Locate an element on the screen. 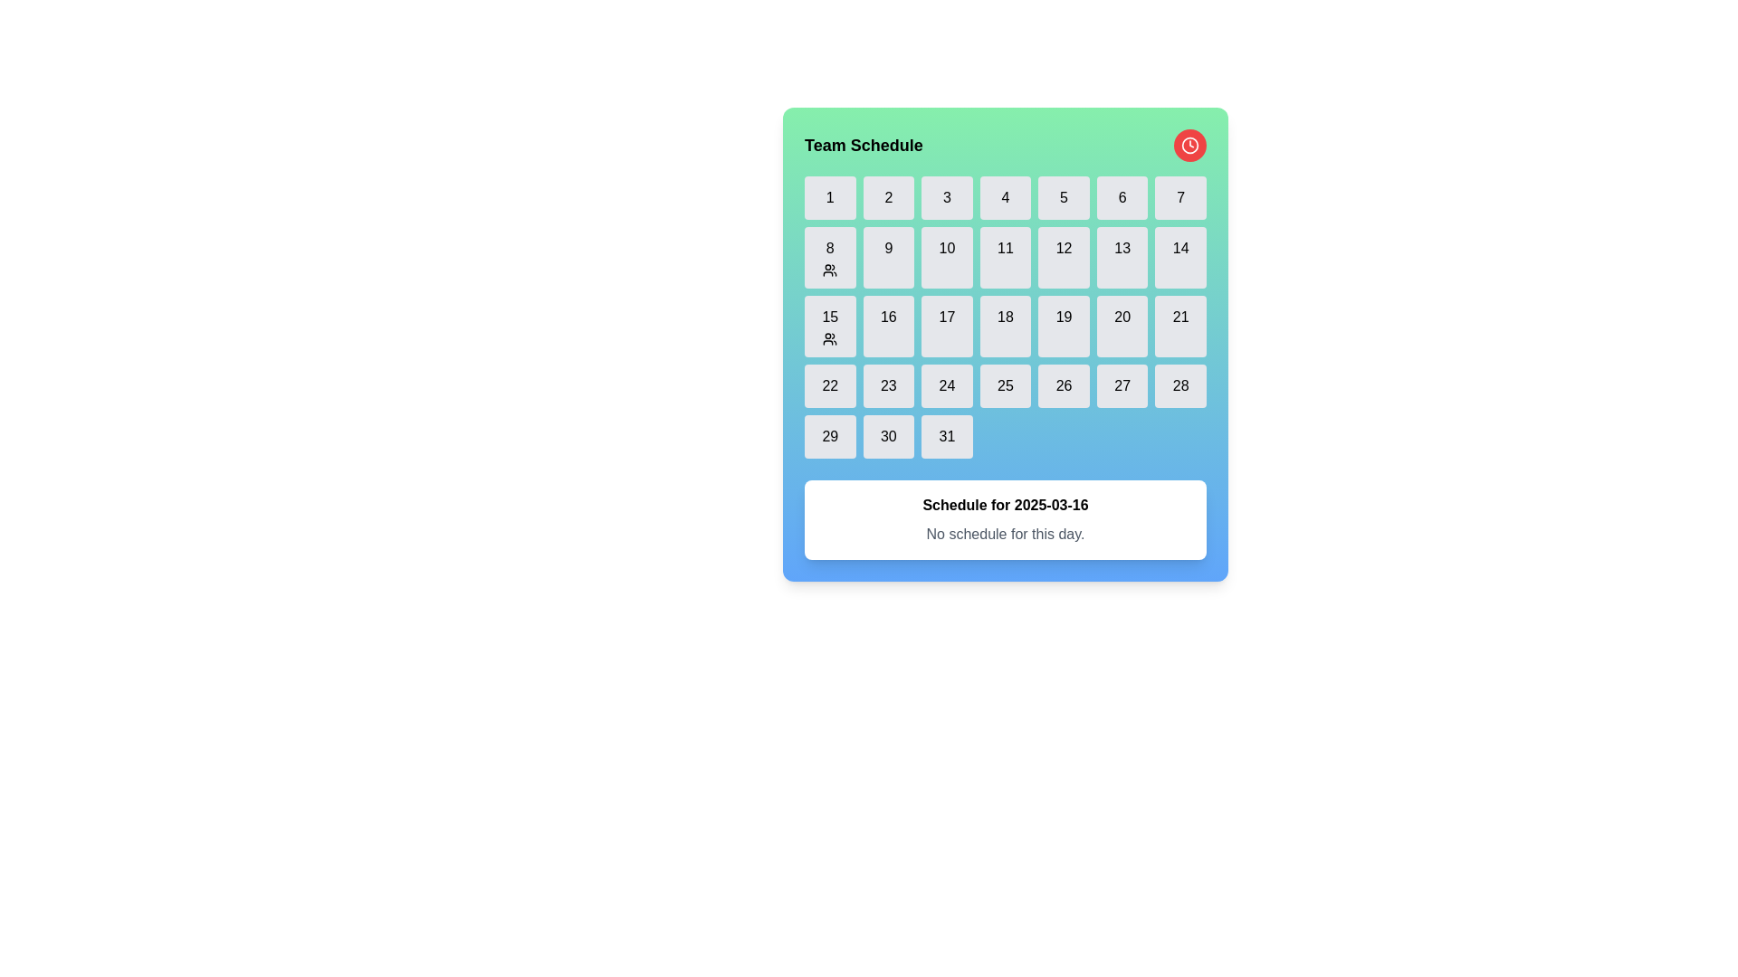  the third day button in the calendar interface is located at coordinates (946, 198).